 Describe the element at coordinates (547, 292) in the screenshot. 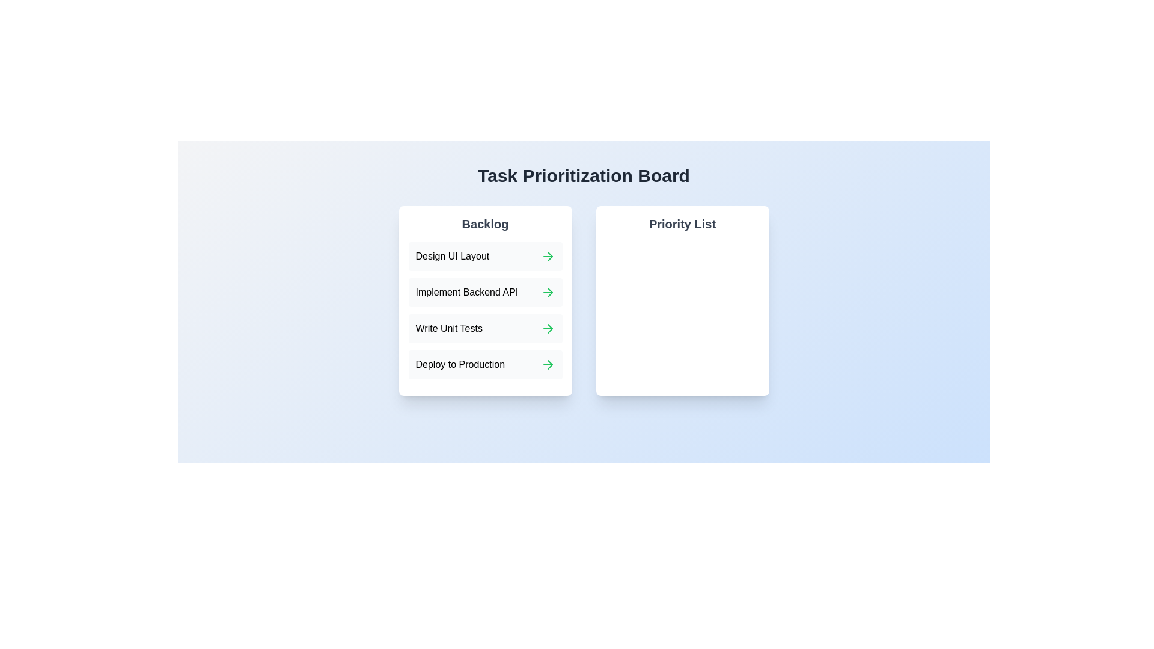

I see `green arrow next to the task 'Implement Backend API' in the Backlog to move it to the Priority List` at that location.